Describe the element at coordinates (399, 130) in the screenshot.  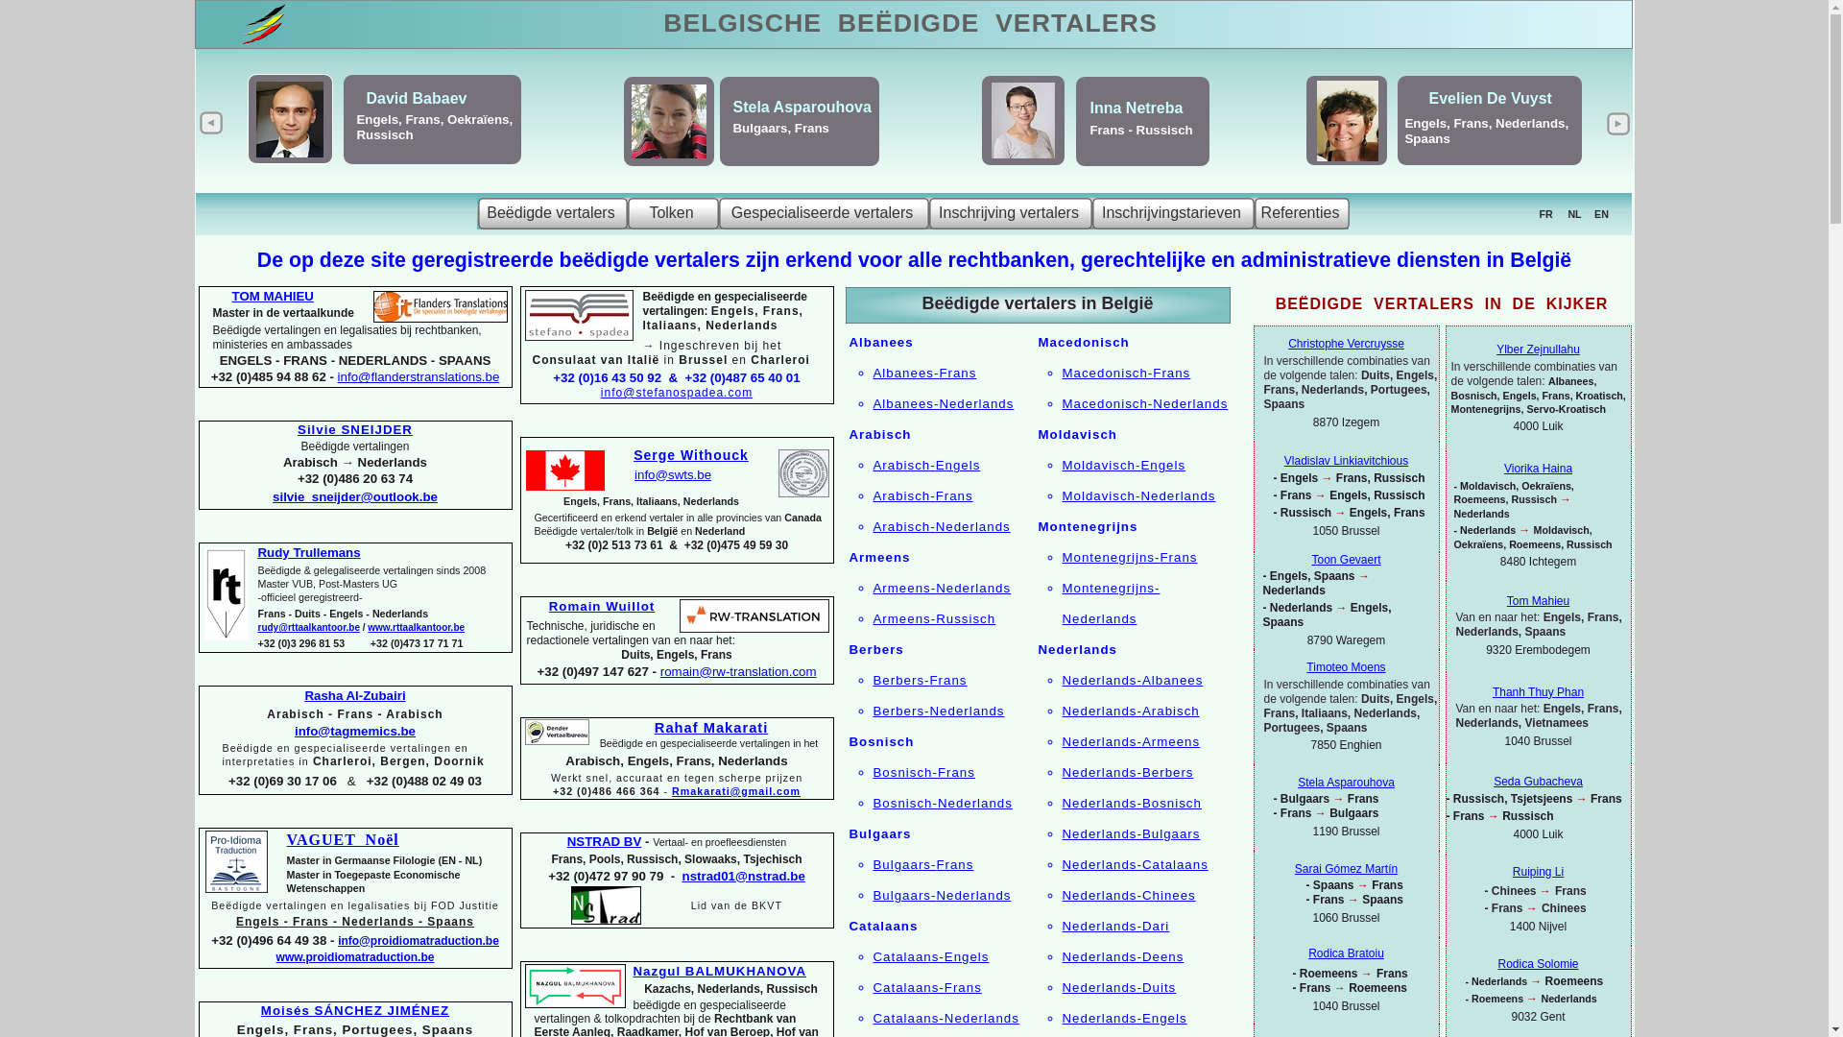
I see `'Dari, Farsi / Perzisch, Frans'` at that location.